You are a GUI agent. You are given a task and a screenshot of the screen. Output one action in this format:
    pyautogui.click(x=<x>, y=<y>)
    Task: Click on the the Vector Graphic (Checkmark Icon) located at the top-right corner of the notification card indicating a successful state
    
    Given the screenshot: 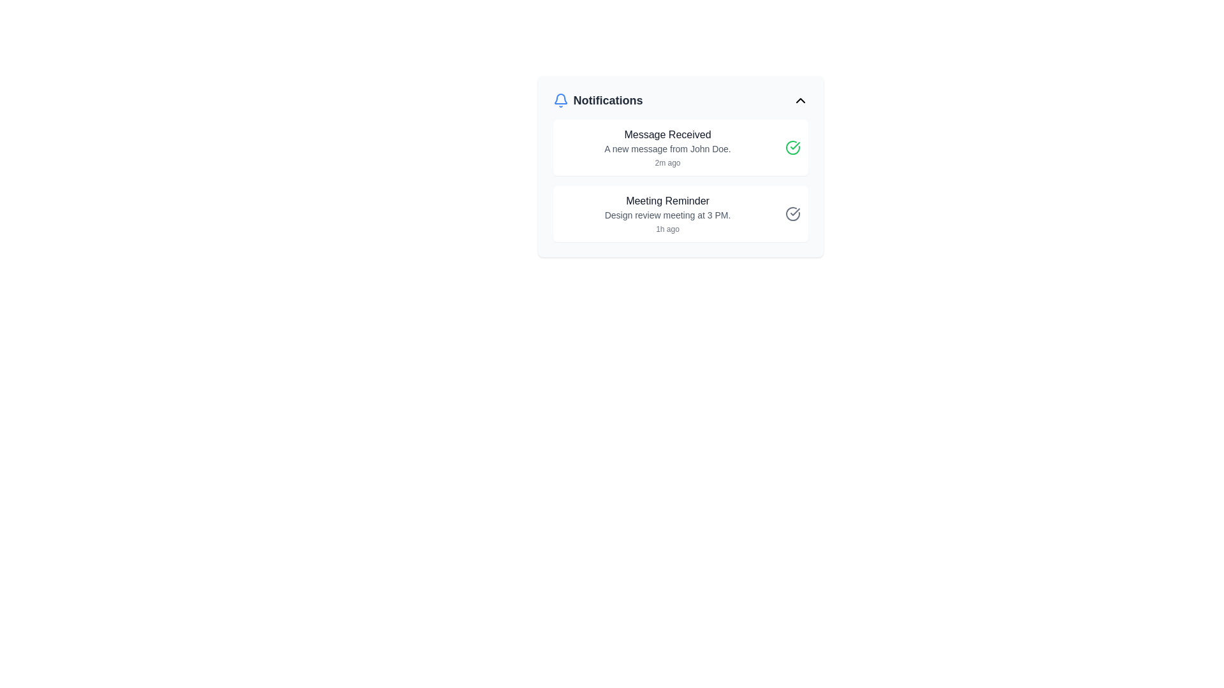 What is the action you would take?
    pyautogui.click(x=794, y=211)
    